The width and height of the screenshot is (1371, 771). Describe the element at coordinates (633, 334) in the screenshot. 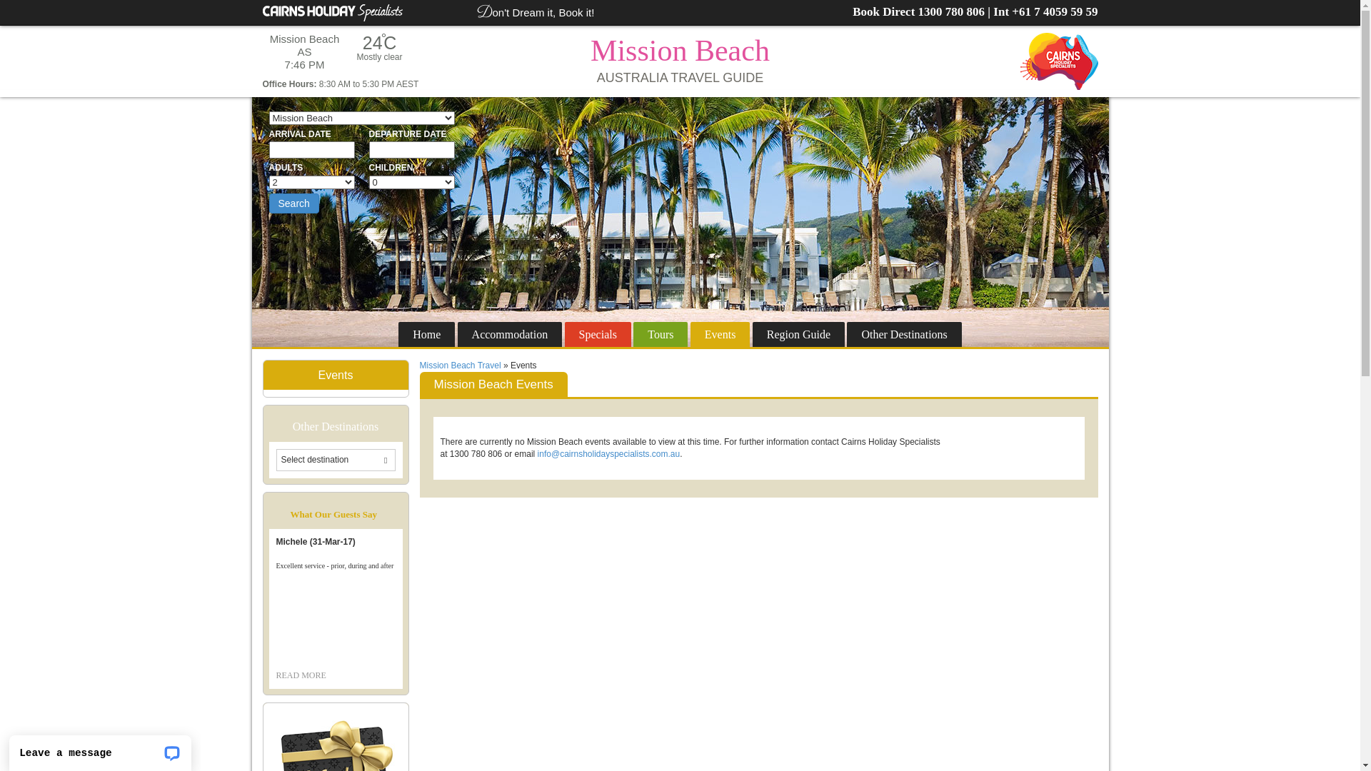

I see `'Tours'` at that location.